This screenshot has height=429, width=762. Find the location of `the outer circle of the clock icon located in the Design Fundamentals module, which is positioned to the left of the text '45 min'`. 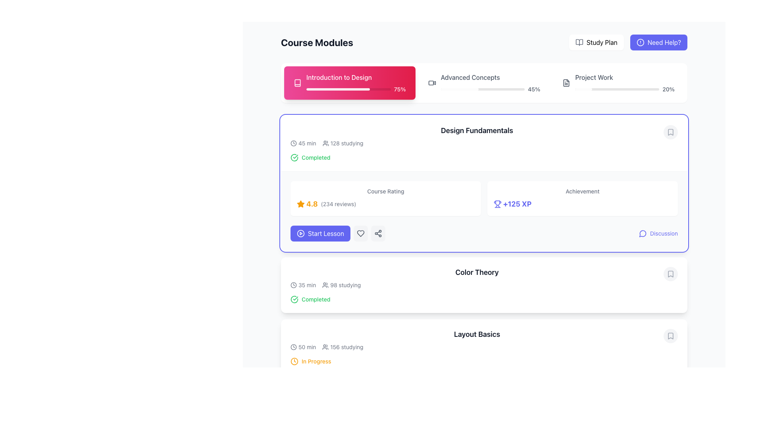

the outer circle of the clock icon located in the Design Fundamentals module, which is positioned to the left of the text '45 min' is located at coordinates (293, 143).